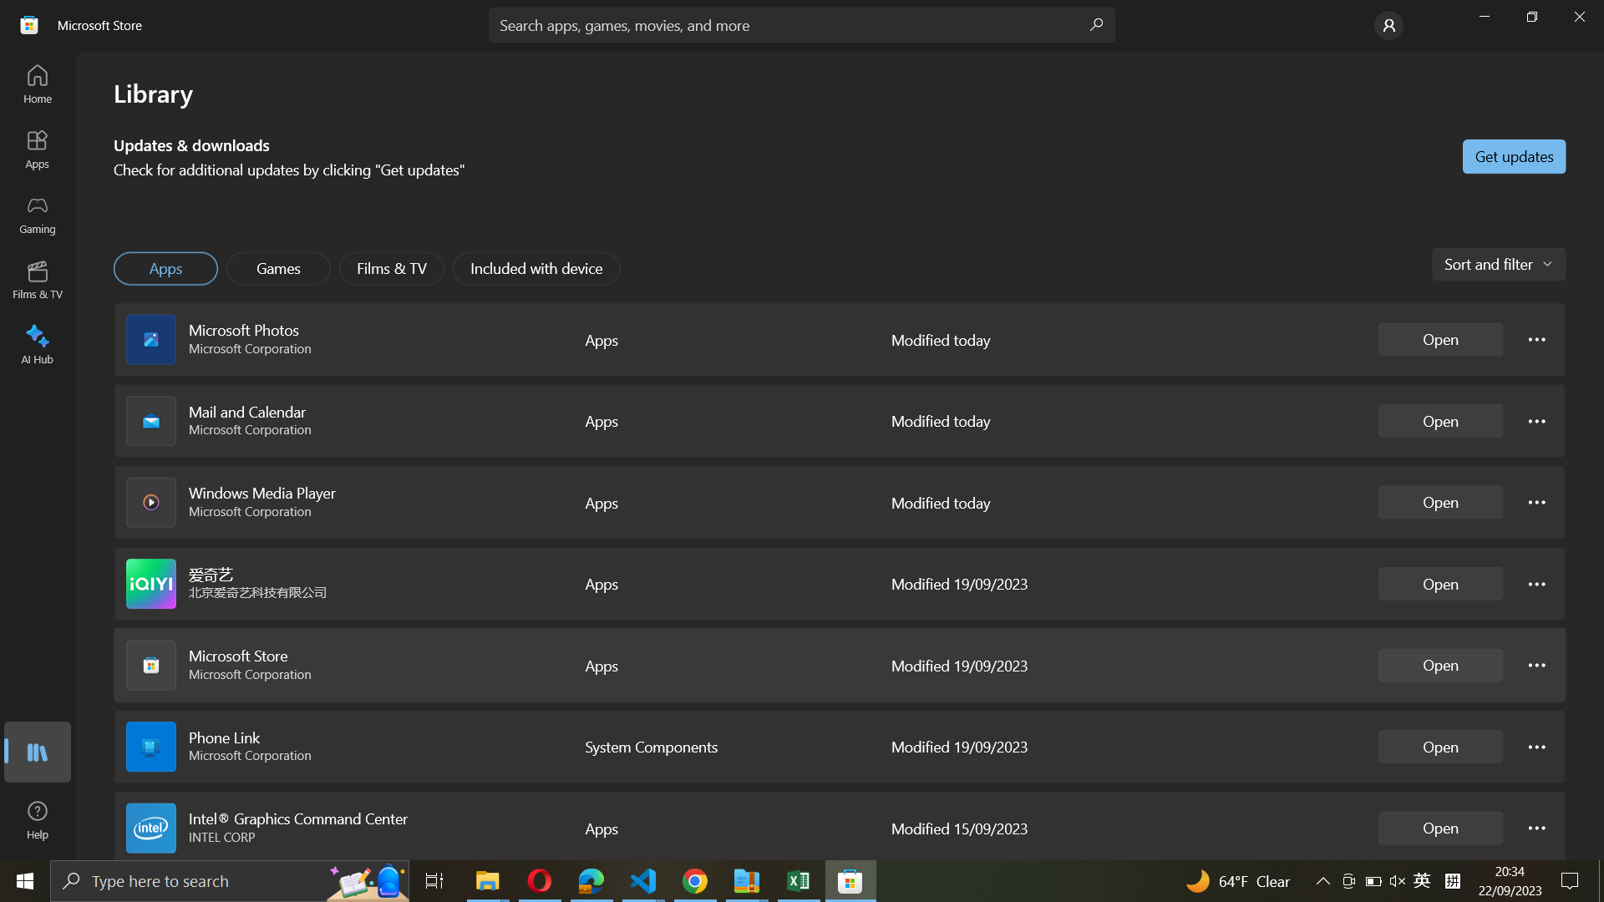  What do you see at coordinates (391, 268) in the screenshot?
I see `Films & TV application` at bounding box center [391, 268].